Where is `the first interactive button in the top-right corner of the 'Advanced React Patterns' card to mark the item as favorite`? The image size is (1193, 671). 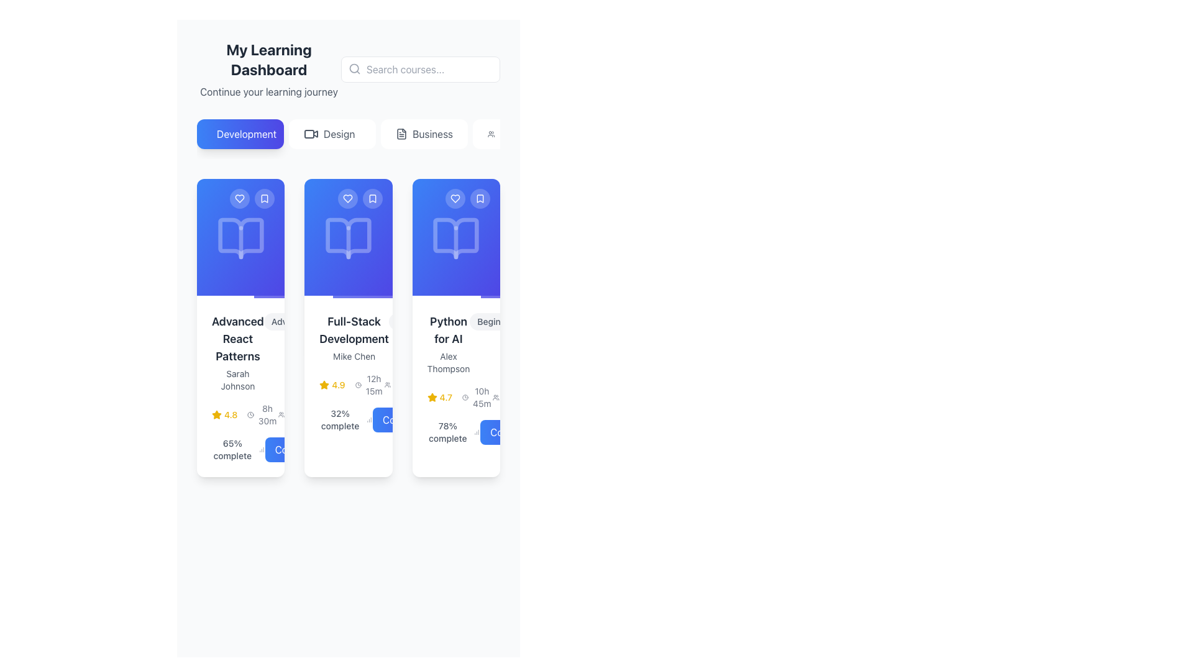 the first interactive button in the top-right corner of the 'Advanced React Patterns' card to mark the item as favorite is located at coordinates (240, 198).